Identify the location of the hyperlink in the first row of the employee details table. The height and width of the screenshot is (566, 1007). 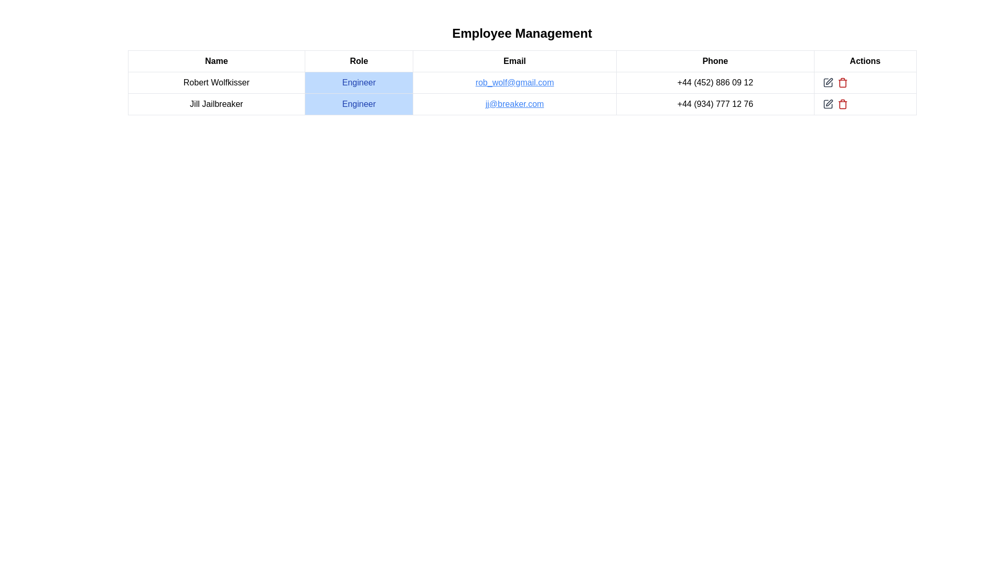
(522, 82).